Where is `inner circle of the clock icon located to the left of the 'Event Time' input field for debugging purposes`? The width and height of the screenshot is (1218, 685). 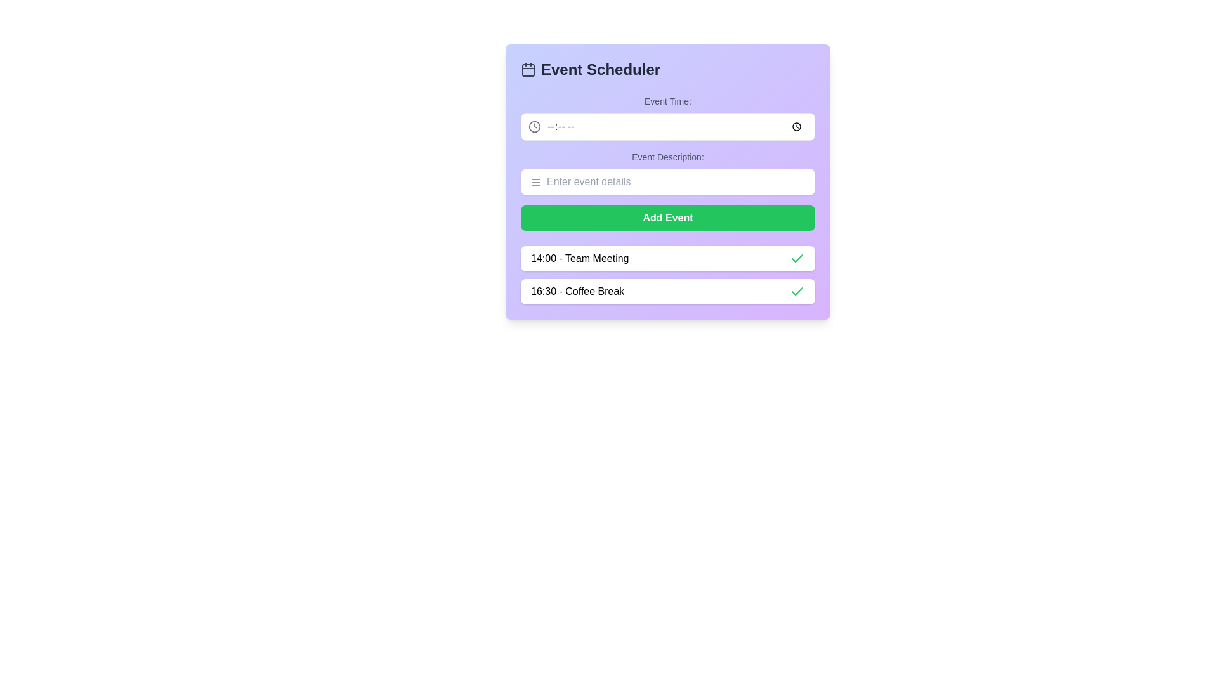 inner circle of the clock icon located to the left of the 'Event Time' input field for debugging purposes is located at coordinates (535, 127).